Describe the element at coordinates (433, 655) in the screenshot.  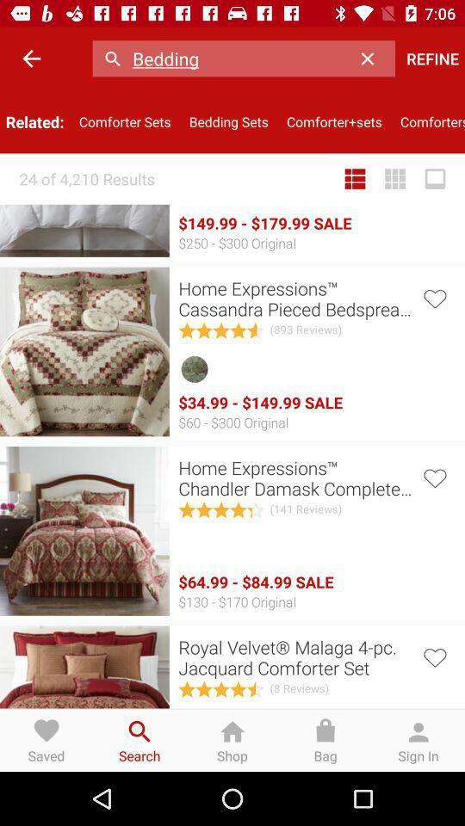
I see `to wish list` at that location.